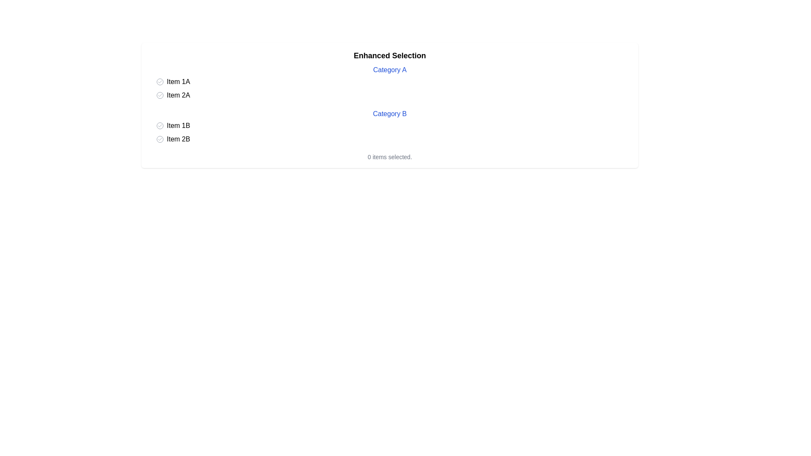 This screenshot has width=811, height=456. Describe the element at coordinates (389, 127) in the screenshot. I see `the 'Category B' section, which contains the items 'Item 1B' and 'Item 2B', by clicking within this group area` at that location.